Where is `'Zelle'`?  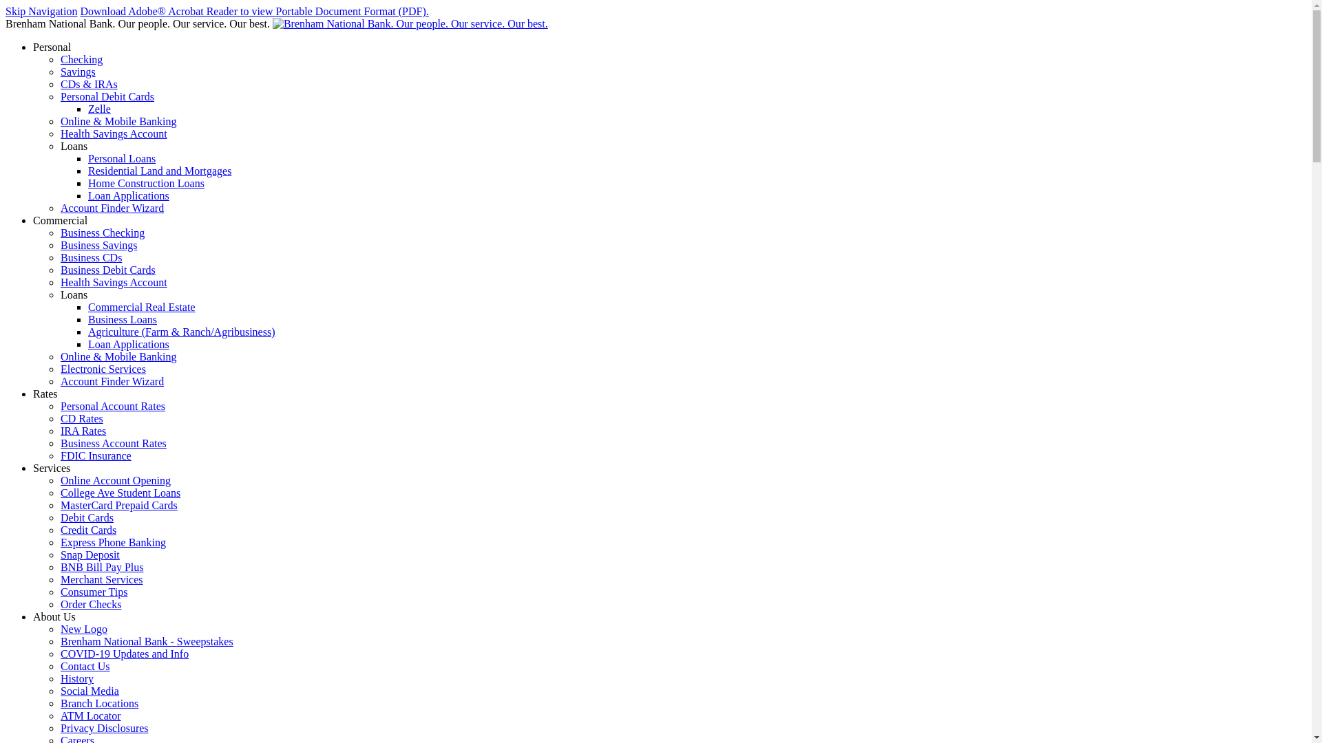 'Zelle' is located at coordinates (87, 108).